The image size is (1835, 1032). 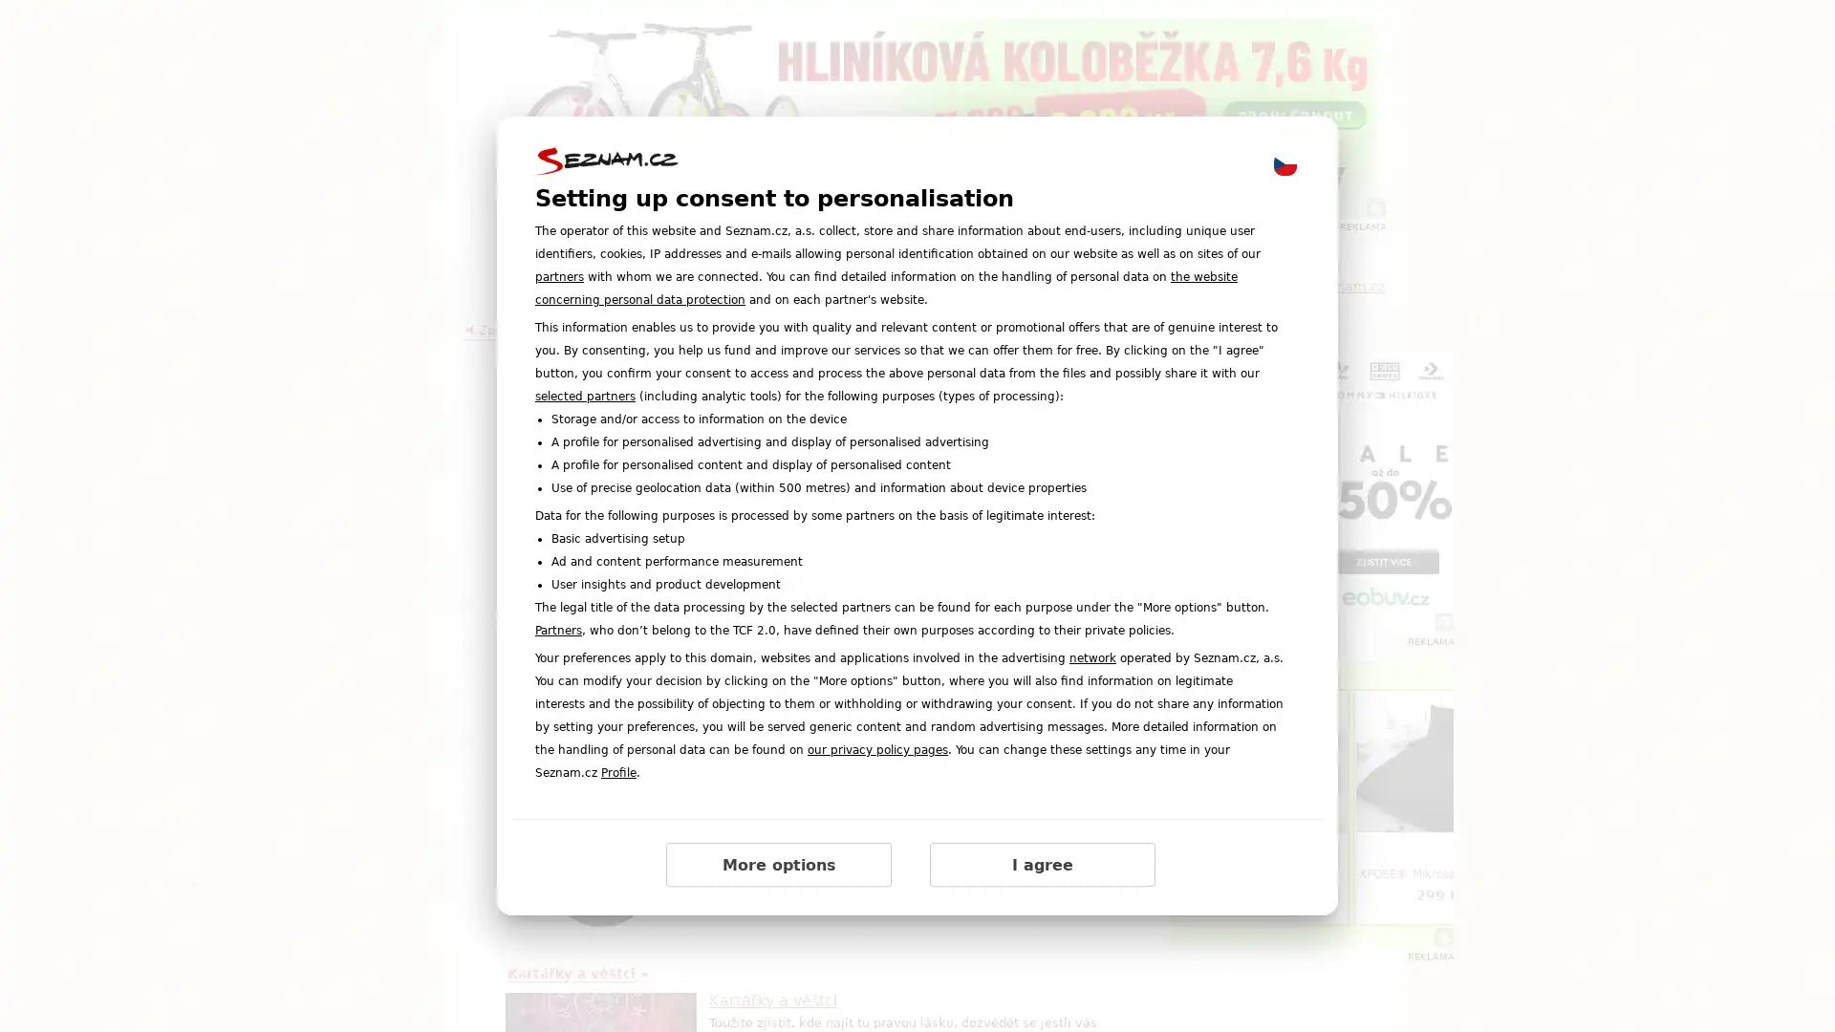 I want to click on More options, so click(x=779, y=865).